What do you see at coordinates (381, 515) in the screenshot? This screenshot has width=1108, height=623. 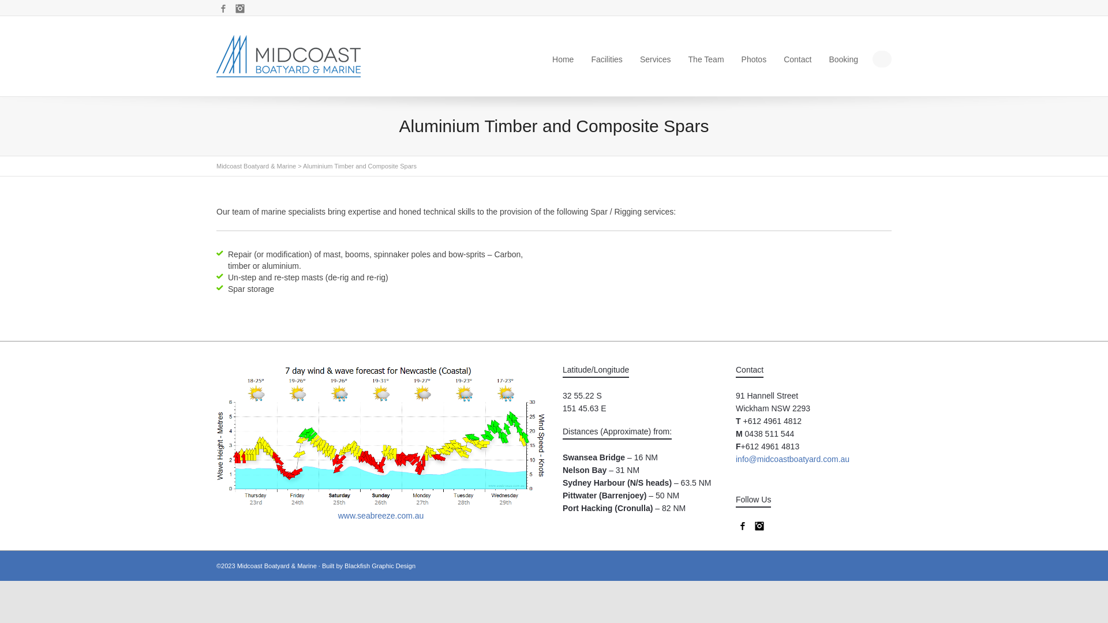 I see `'www.seabreeze.com.au'` at bounding box center [381, 515].